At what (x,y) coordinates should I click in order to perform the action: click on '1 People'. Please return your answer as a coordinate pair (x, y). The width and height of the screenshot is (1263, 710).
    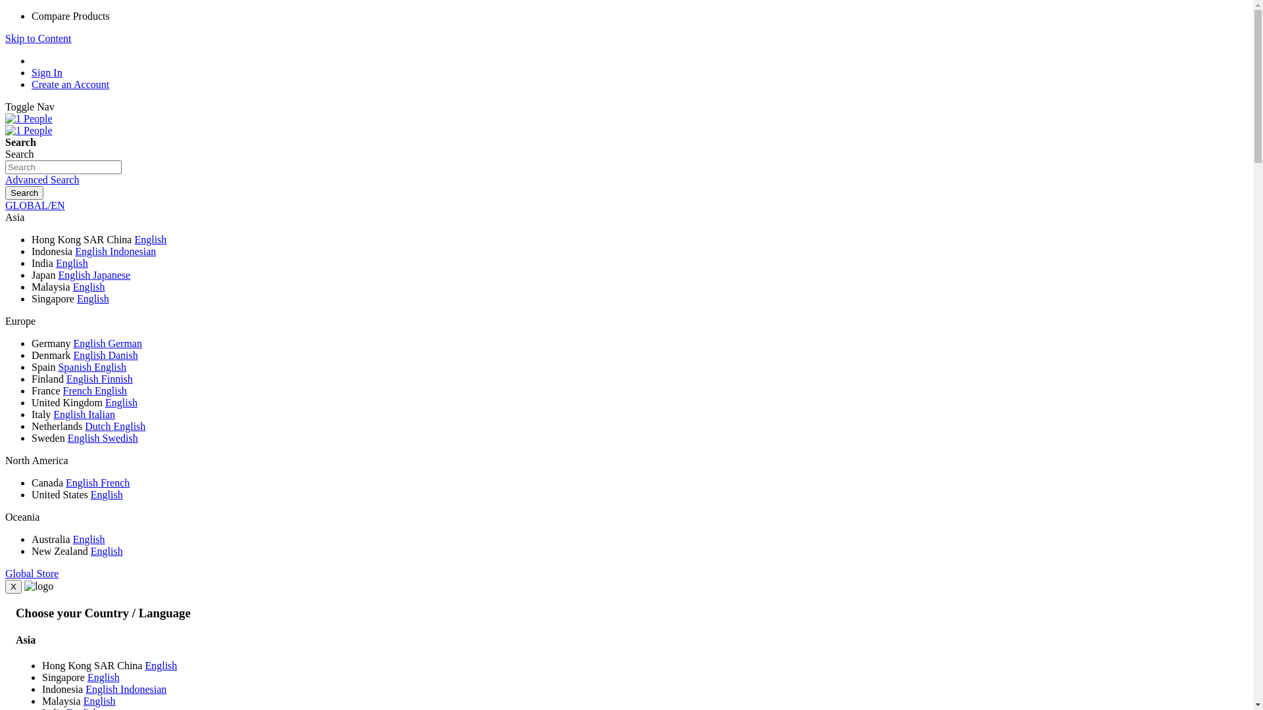
    Looking at the image, I should click on (28, 130).